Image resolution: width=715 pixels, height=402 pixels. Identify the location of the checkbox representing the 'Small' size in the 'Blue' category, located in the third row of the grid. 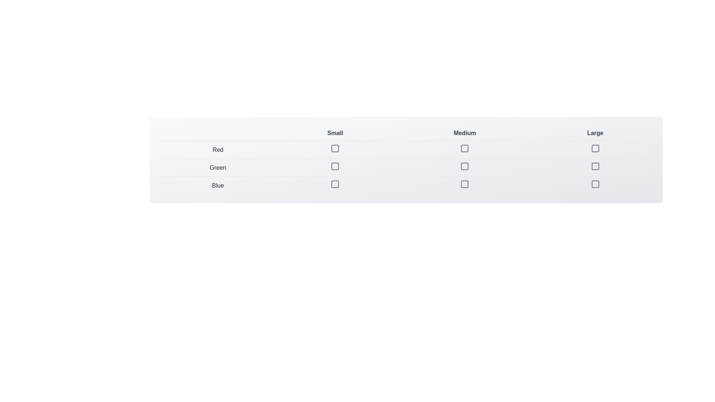
(335, 184).